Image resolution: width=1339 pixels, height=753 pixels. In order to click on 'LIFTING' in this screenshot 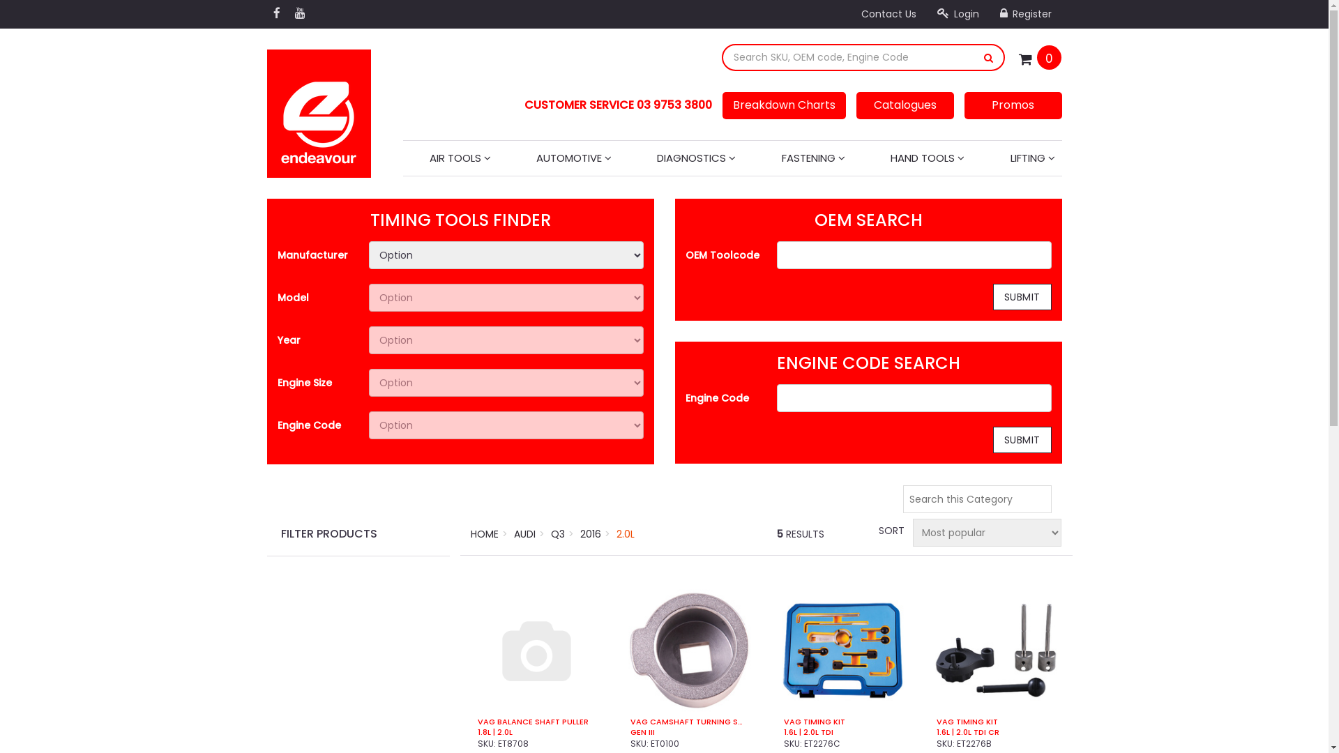, I will do `click(1031, 158)`.